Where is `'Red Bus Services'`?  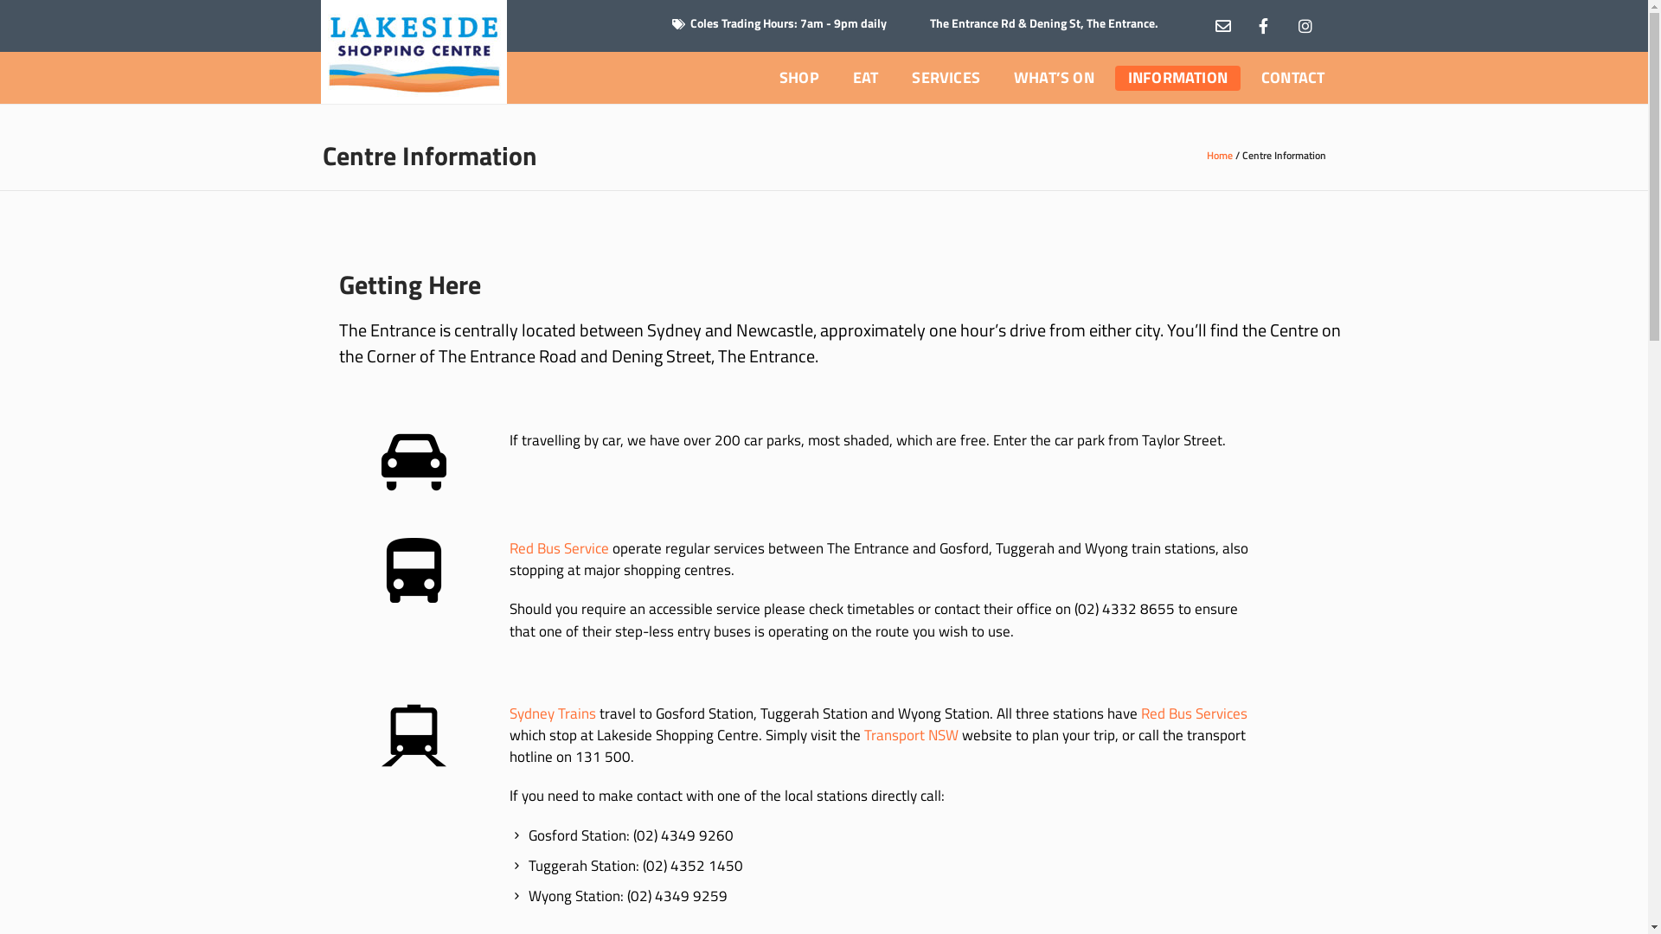 'Red Bus Services' is located at coordinates (1193, 713).